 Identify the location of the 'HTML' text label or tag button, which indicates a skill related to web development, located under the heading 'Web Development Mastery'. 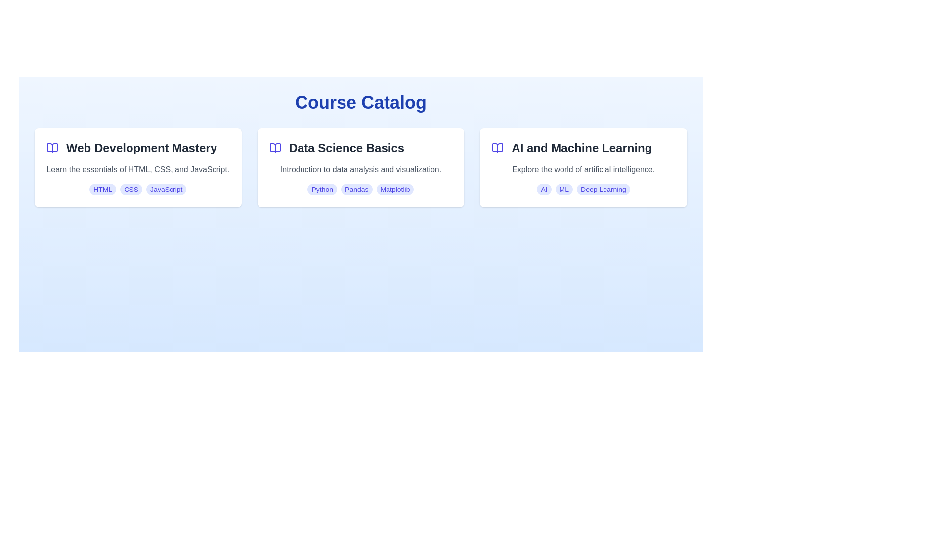
(103, 190).